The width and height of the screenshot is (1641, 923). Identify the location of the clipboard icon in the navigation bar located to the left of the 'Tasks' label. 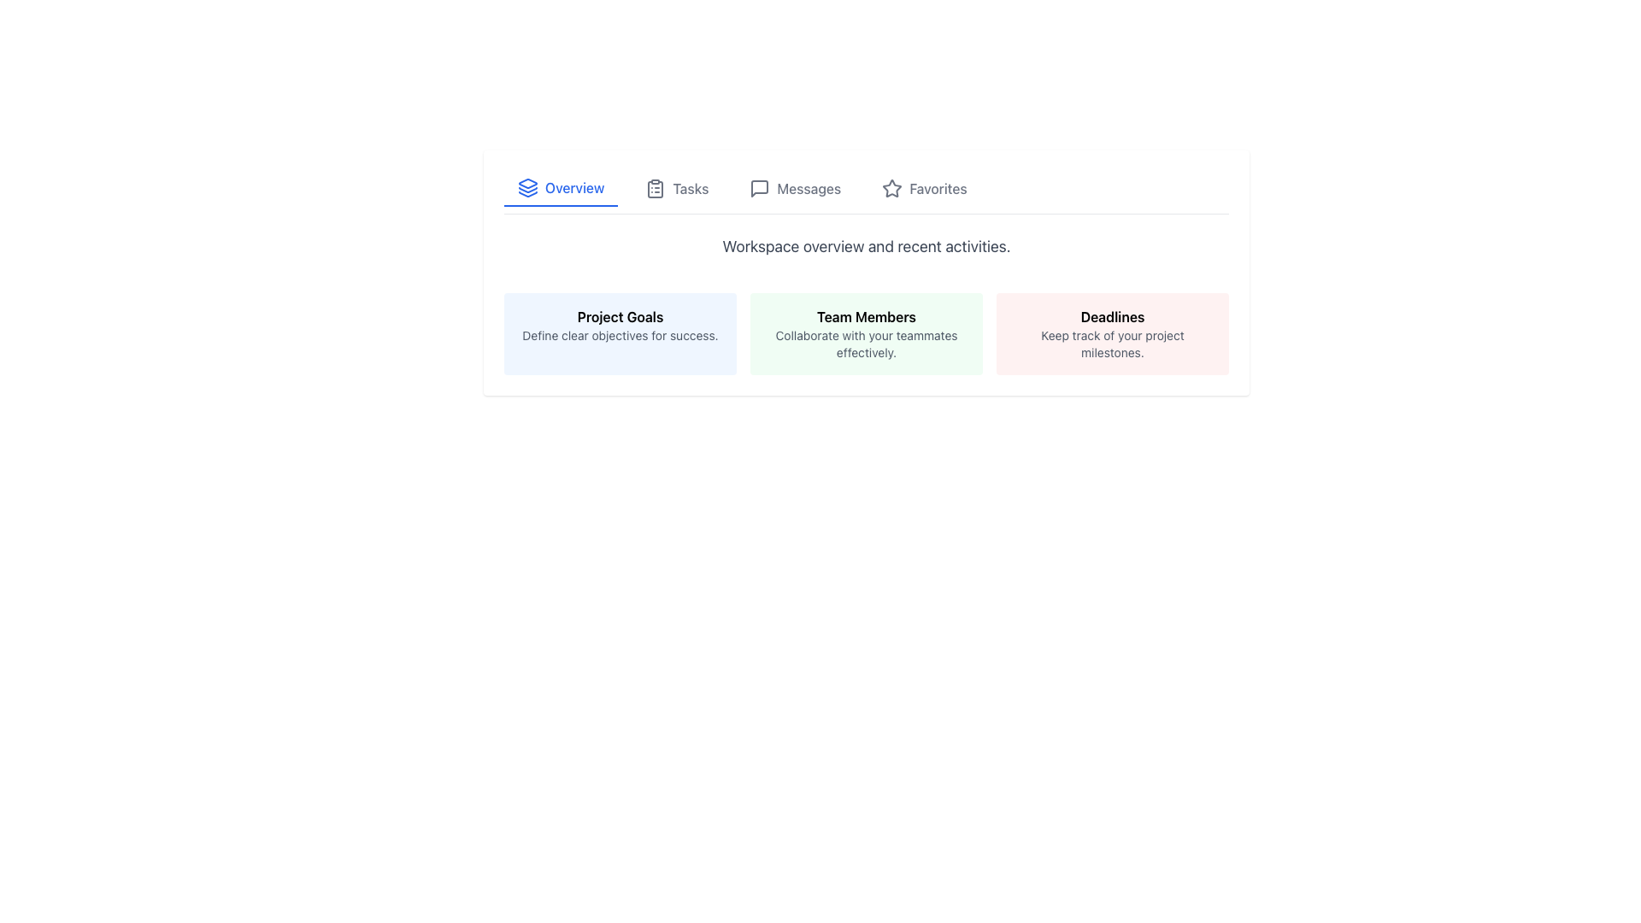
(655, 188).